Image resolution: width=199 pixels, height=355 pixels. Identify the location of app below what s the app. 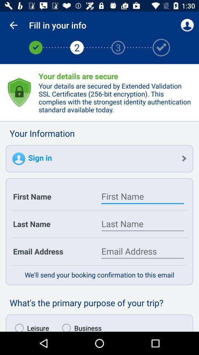
(80, 325).